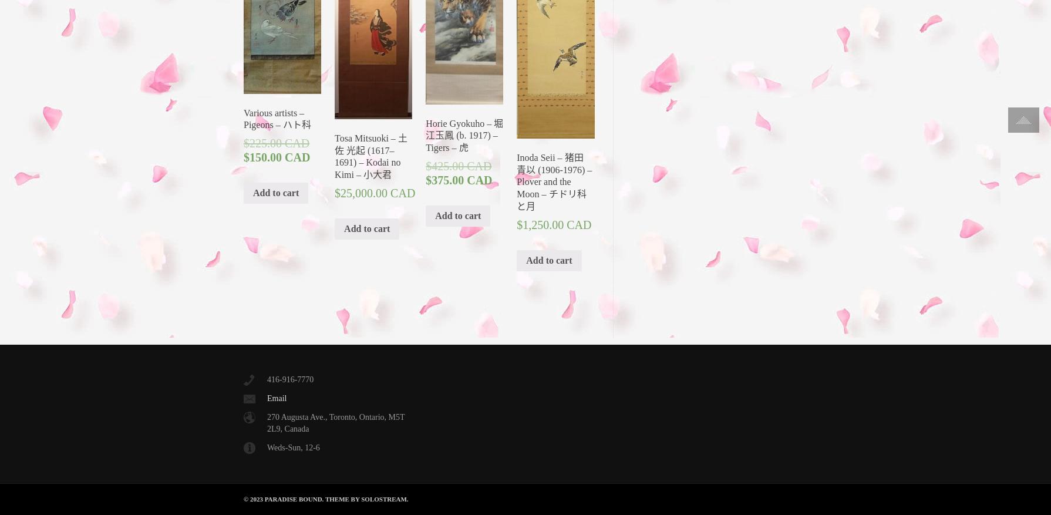 The image size is (1051, 515). I want to click on '375.00 CAD', so click(461, 180).